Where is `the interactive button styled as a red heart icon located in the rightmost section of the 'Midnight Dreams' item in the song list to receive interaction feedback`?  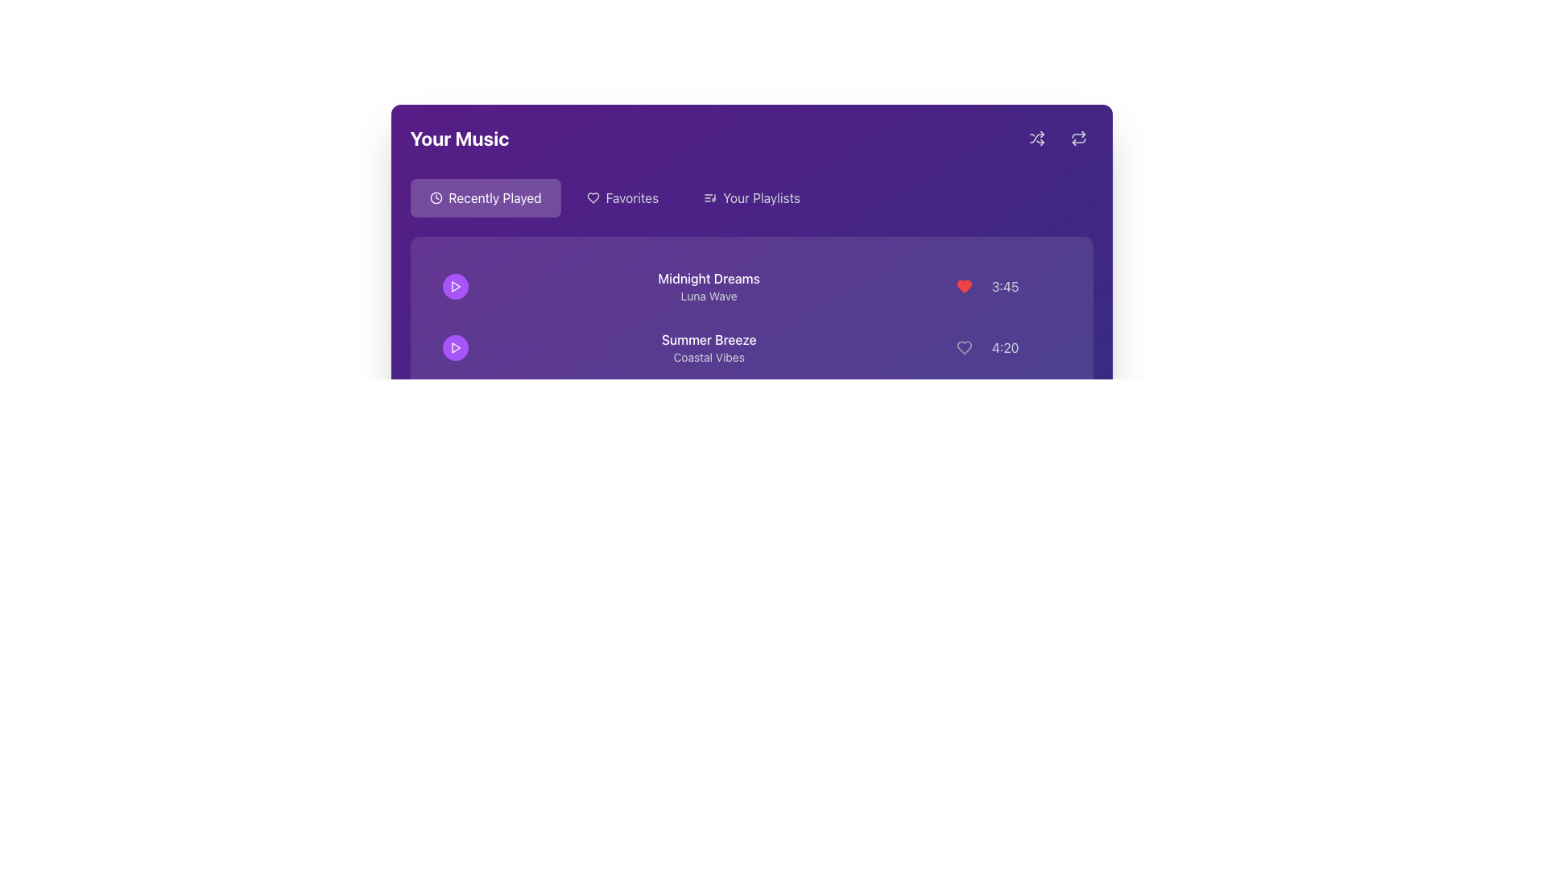 the interactive button styled as a red heart icon located in the rightmost section of the 'Midnight Dreams' item in the song list to receive interaction feedback is located at coordinates (964, 285).